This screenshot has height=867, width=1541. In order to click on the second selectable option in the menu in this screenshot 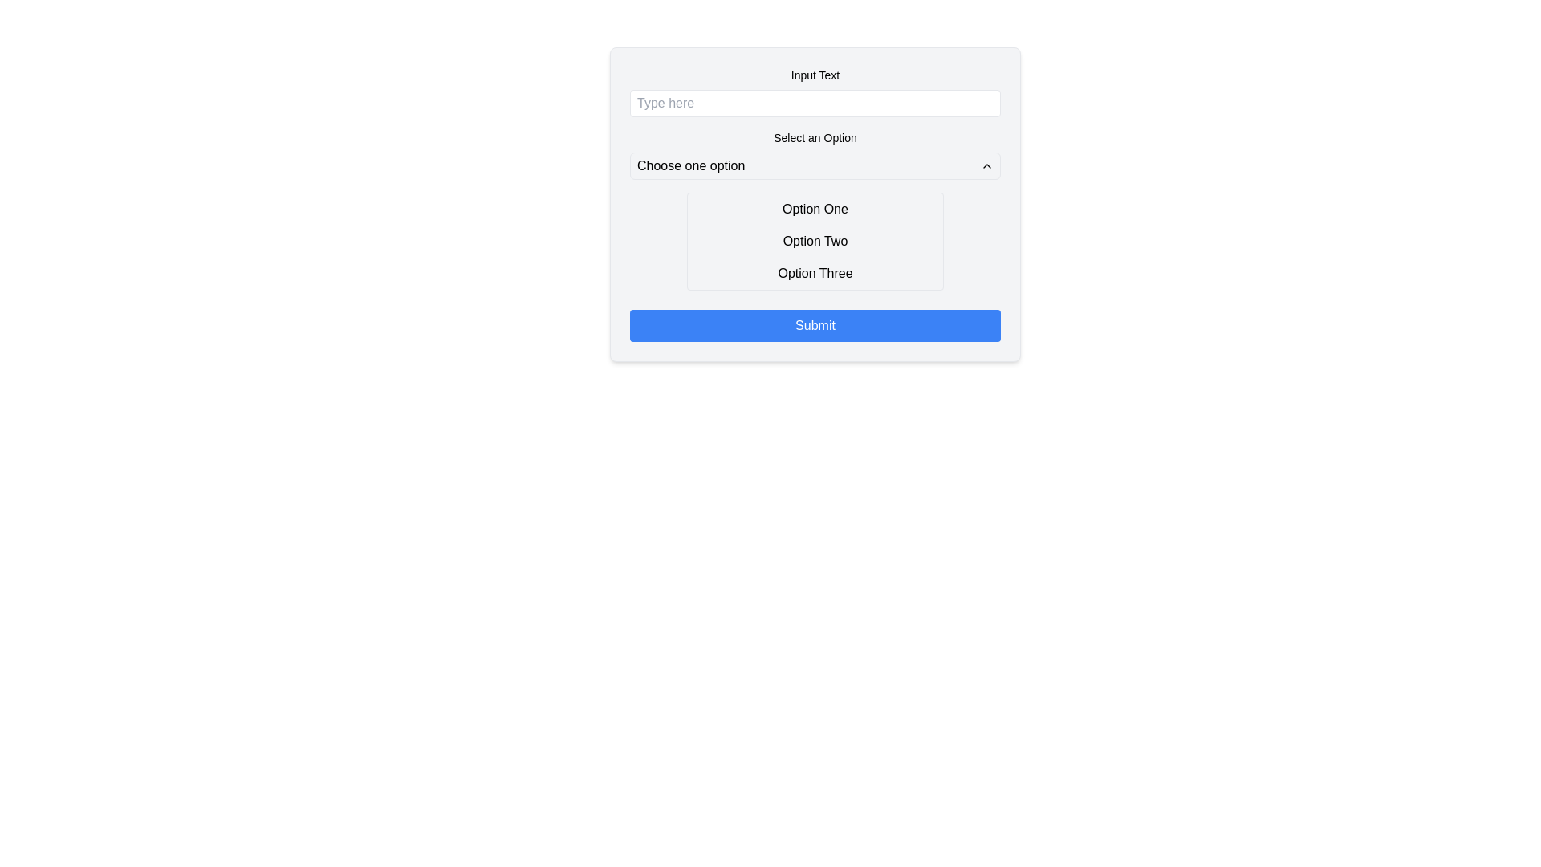, I will do `click(815, 241)`.